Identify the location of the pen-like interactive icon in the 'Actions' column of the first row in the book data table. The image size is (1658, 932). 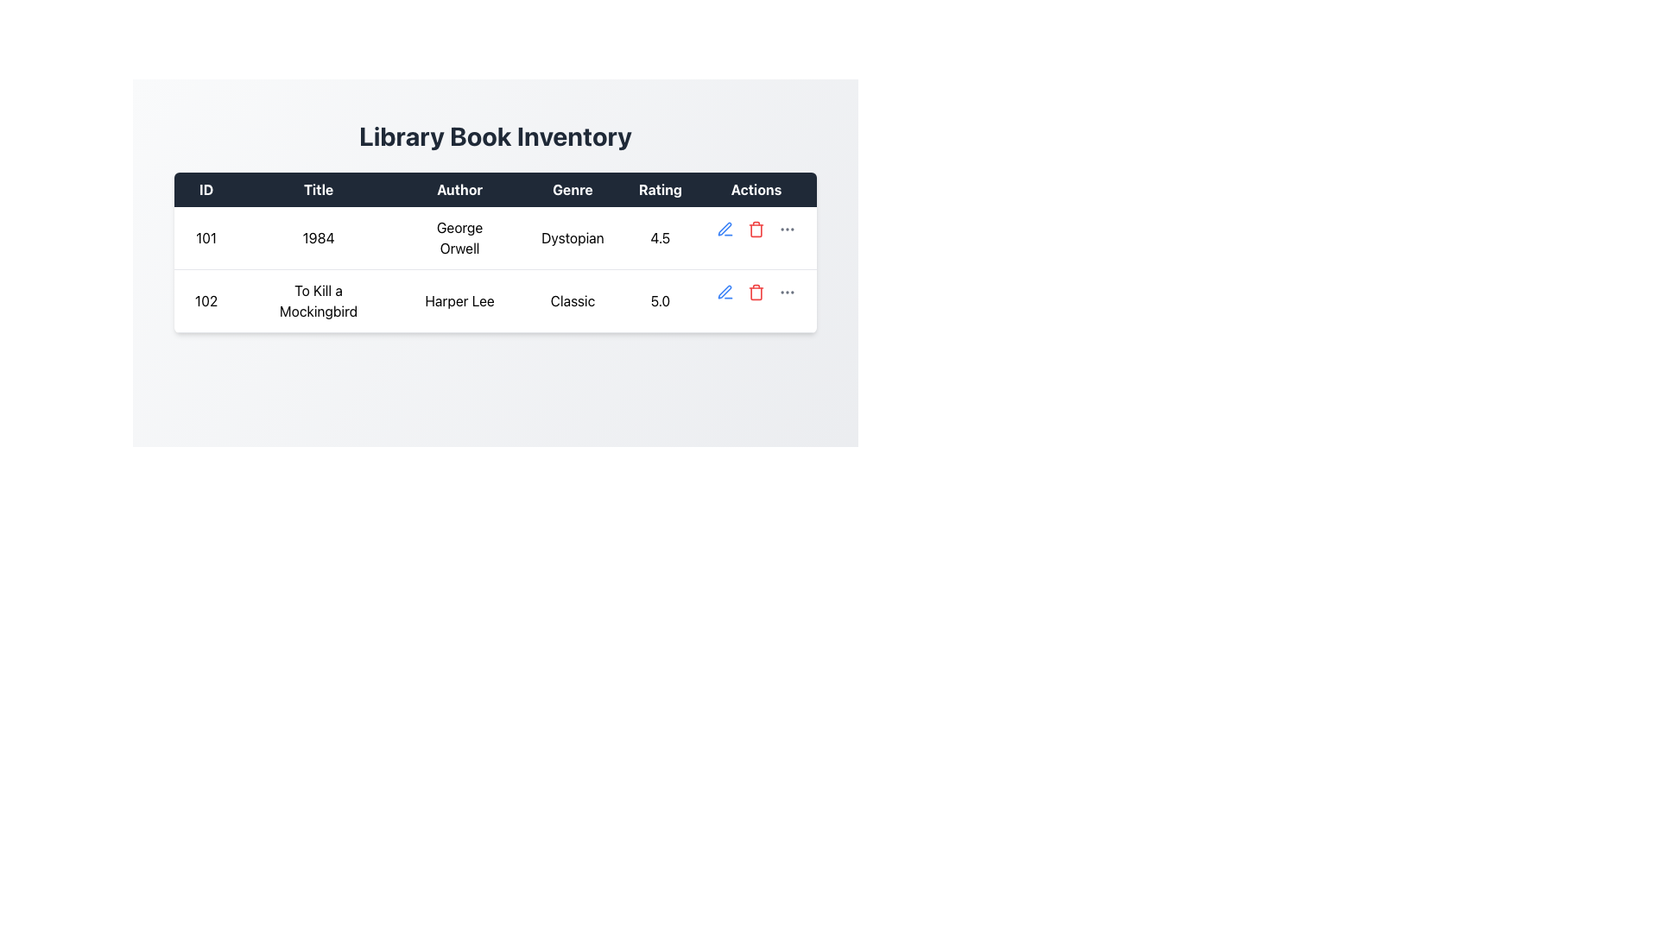
(725, 226).